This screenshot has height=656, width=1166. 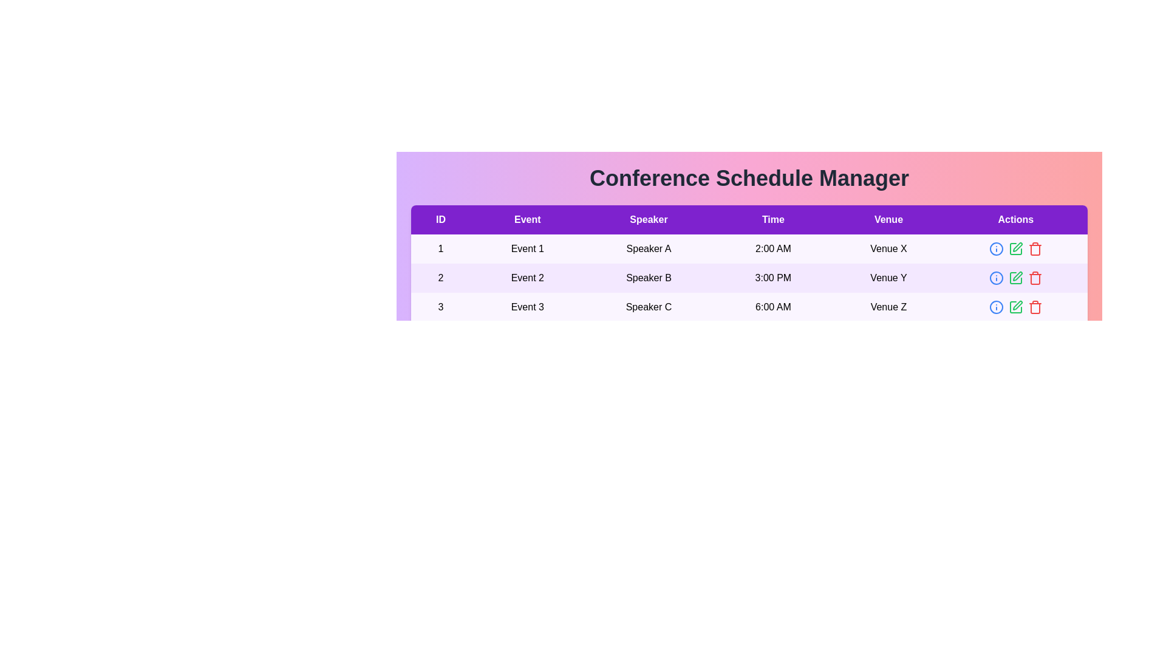 What do you see at coordinates (772, 220) in the screenshot?
I see `the column header to sort the table by Time` at bounding box center [772, 220].